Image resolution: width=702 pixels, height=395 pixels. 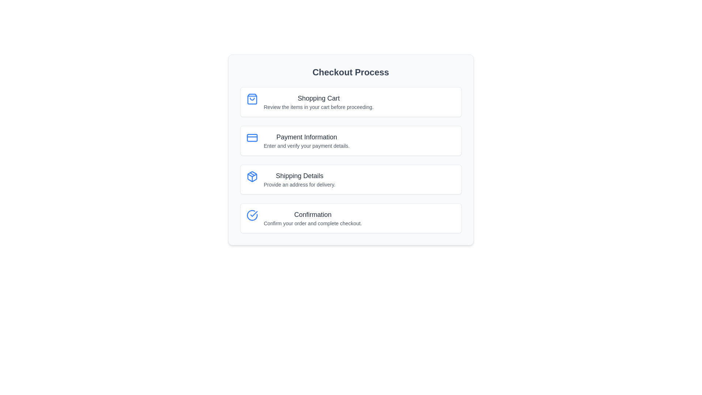 I want to click on the detailed view of the introductory card for the shopping cart section in the checkout process, so click(x=350, y=102).